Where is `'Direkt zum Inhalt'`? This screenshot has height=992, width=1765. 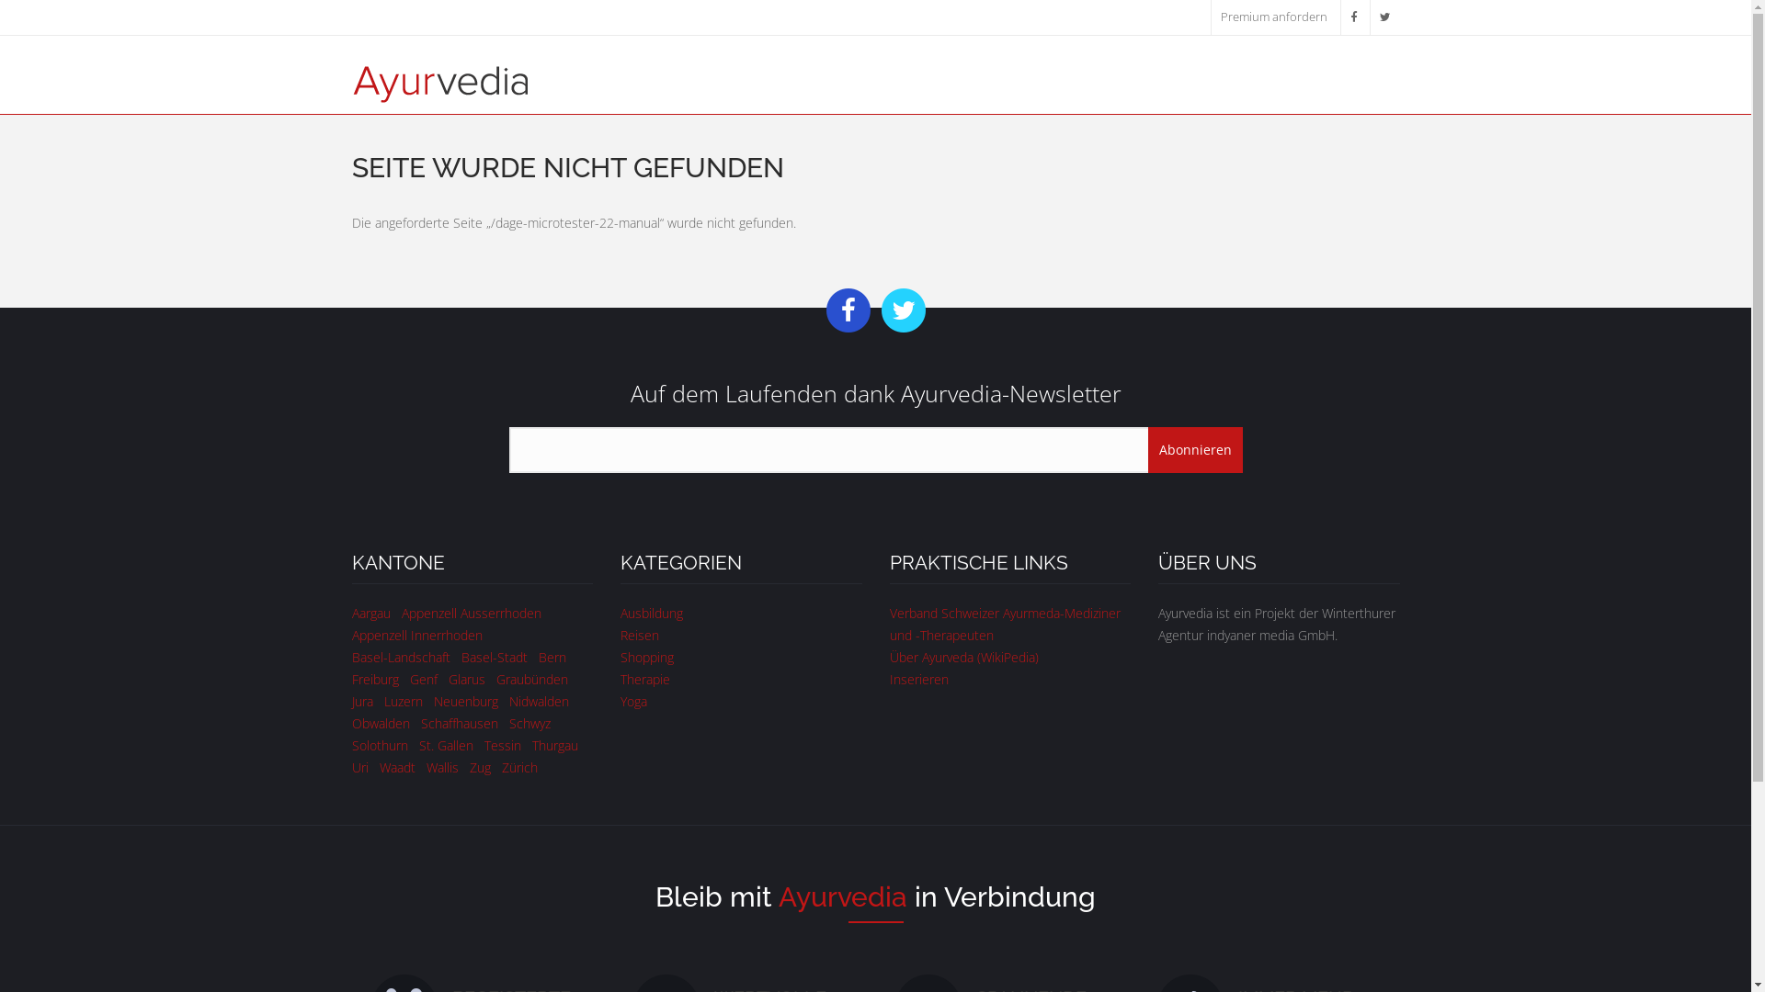
'Direkt zum Inhalt' is located at coordinates (49, 0).